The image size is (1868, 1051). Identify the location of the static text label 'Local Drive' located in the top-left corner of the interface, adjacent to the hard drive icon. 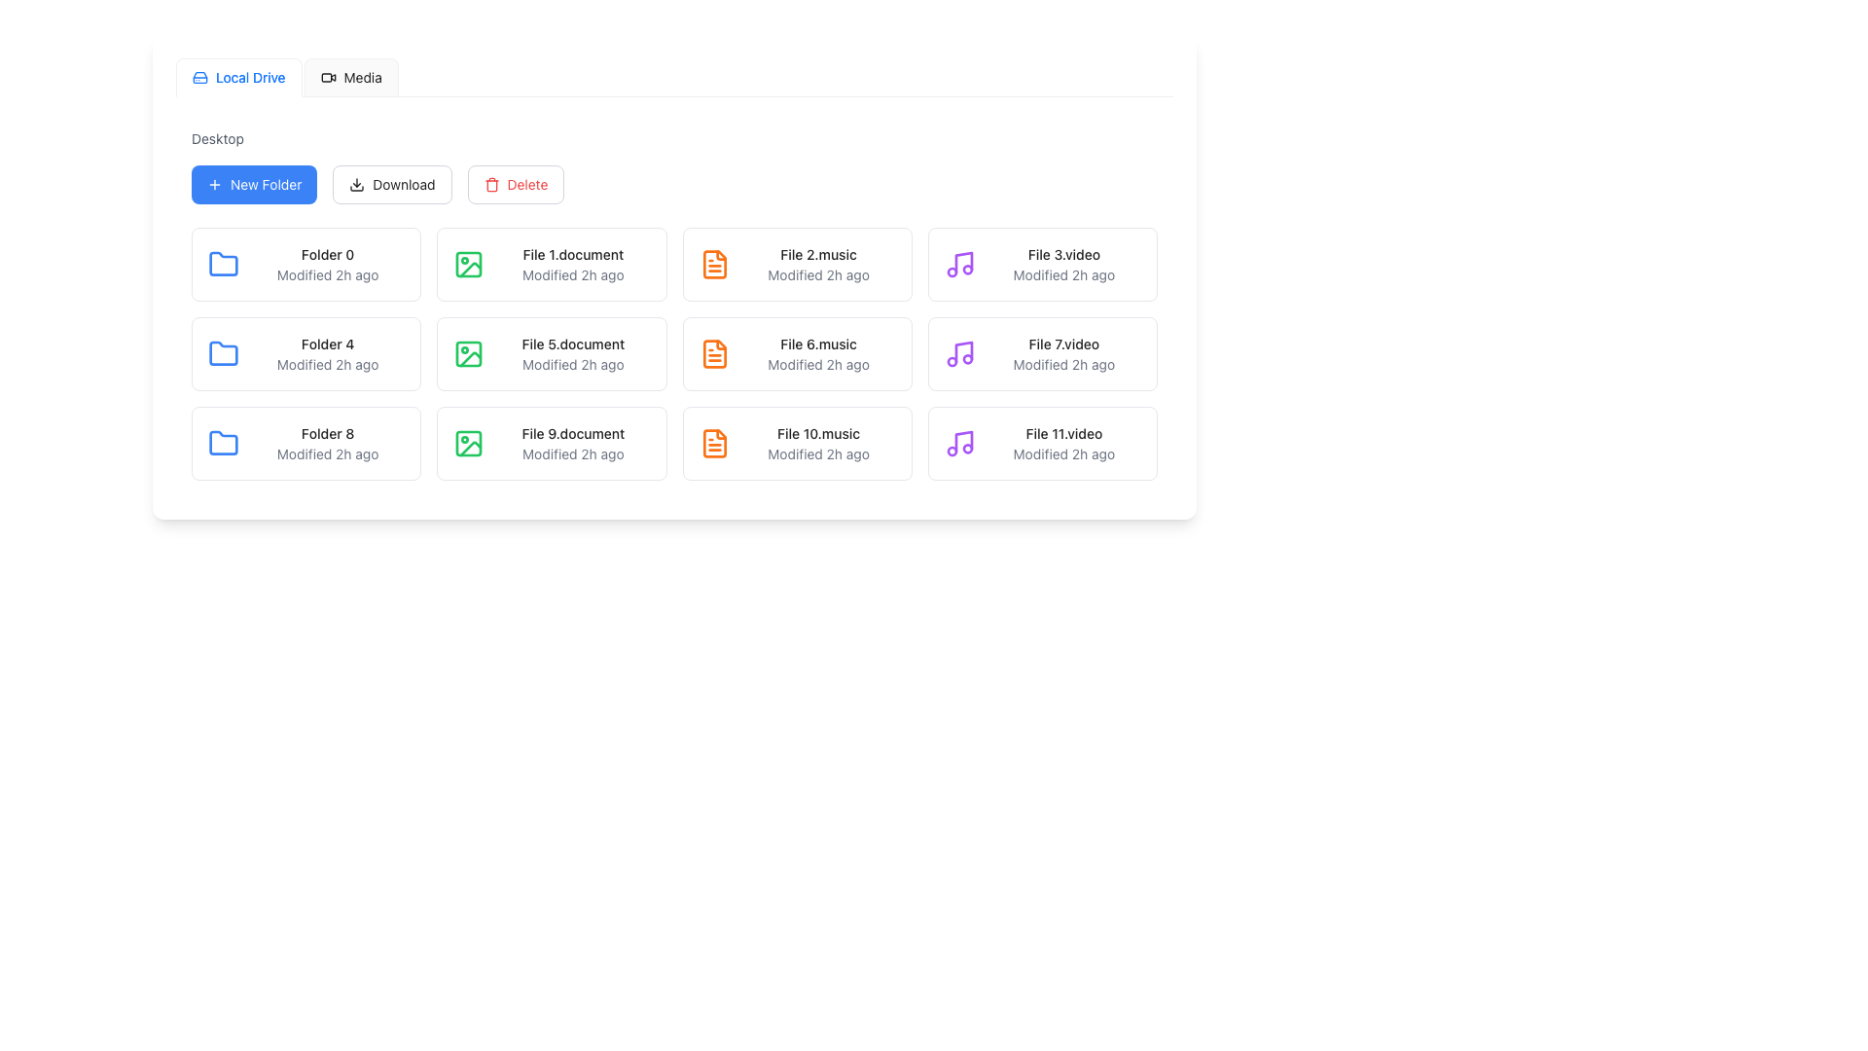
(249, 77).